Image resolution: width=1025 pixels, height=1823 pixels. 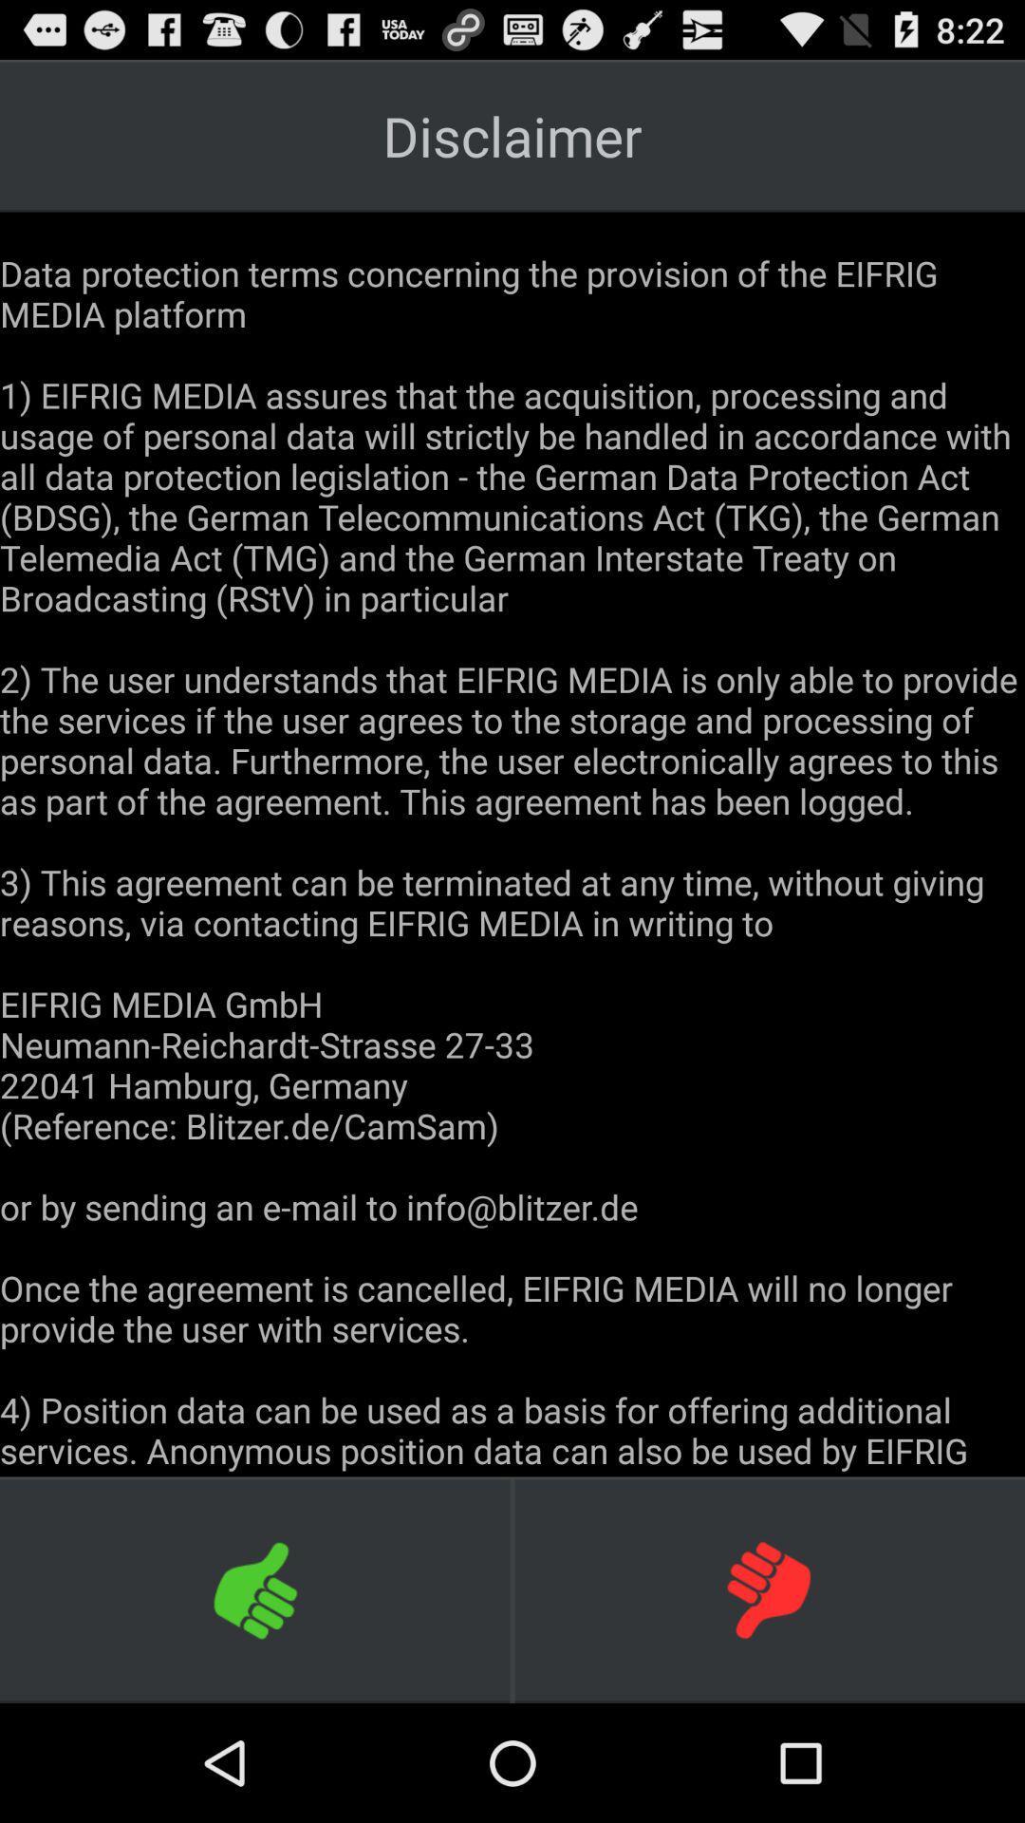 What do you see at coordinates (769, 1589) in the screenshot?
I see `icon at the bottom right corner` at bounding box center [769, 1589].